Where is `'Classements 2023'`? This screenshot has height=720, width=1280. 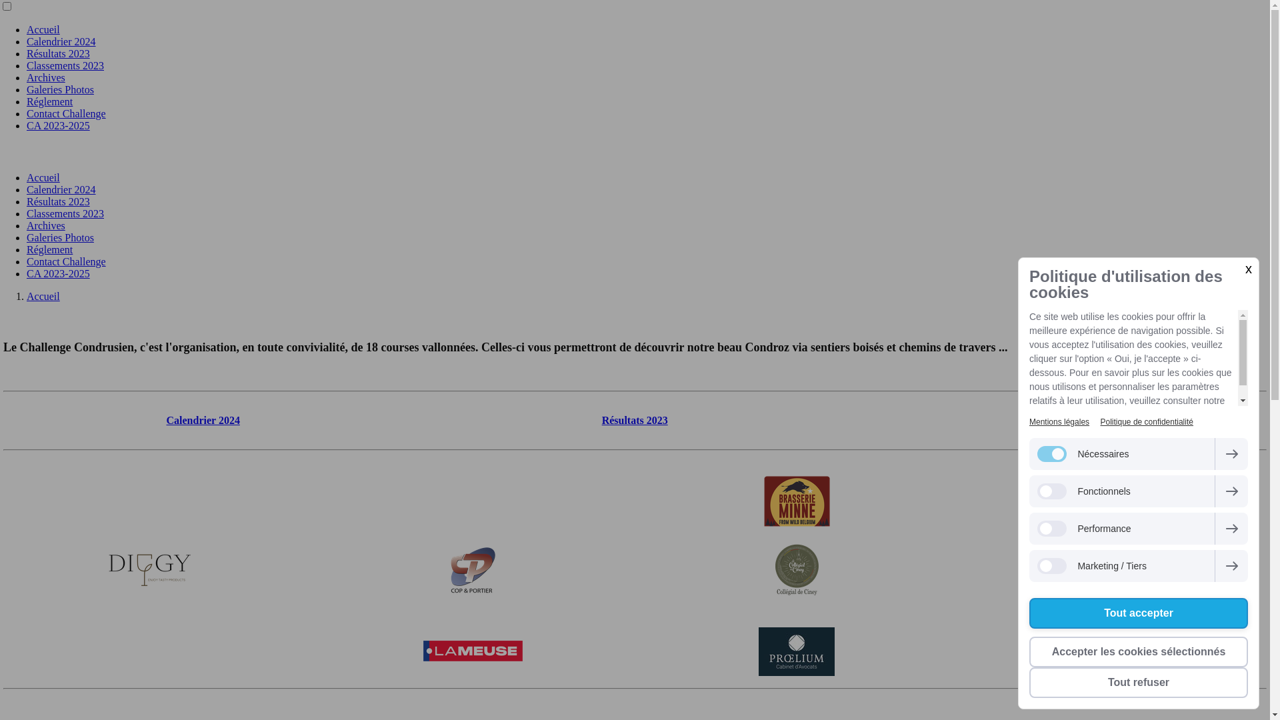 'Classements 2023' is located at coordinates (64, 213).